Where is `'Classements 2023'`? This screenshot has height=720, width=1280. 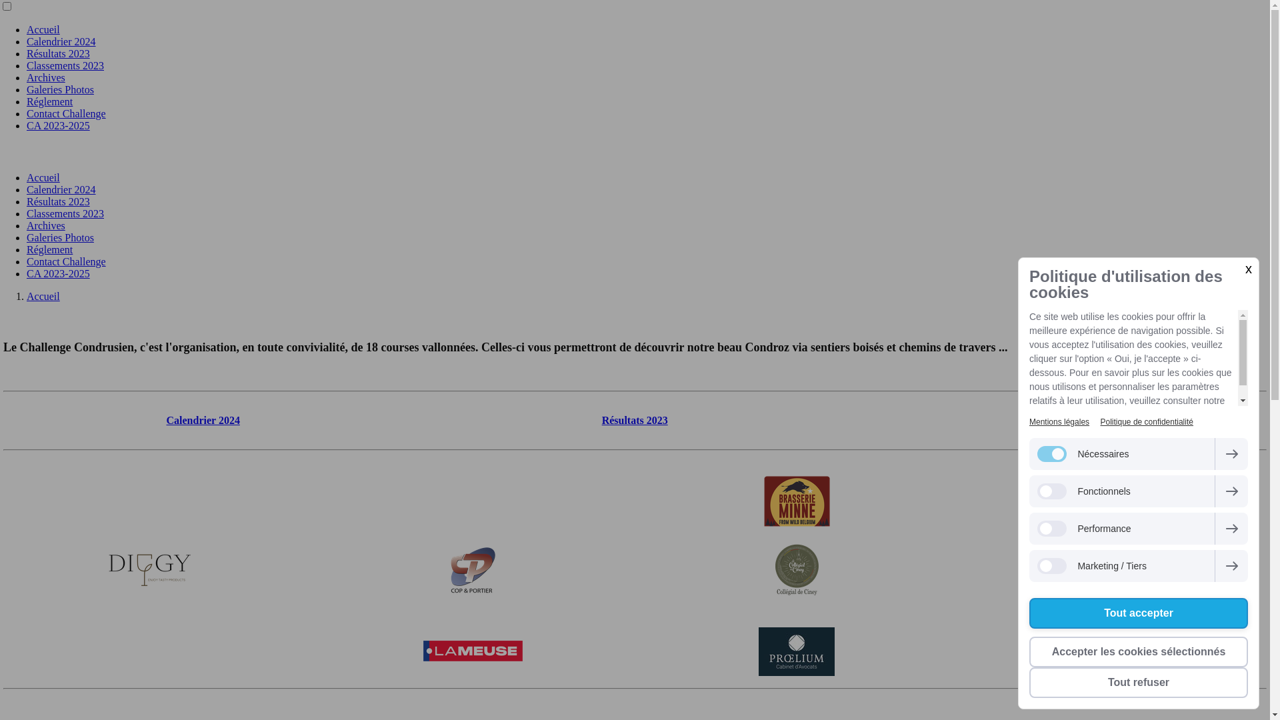 'Classements 2023' is located at coordinates (64, 213).